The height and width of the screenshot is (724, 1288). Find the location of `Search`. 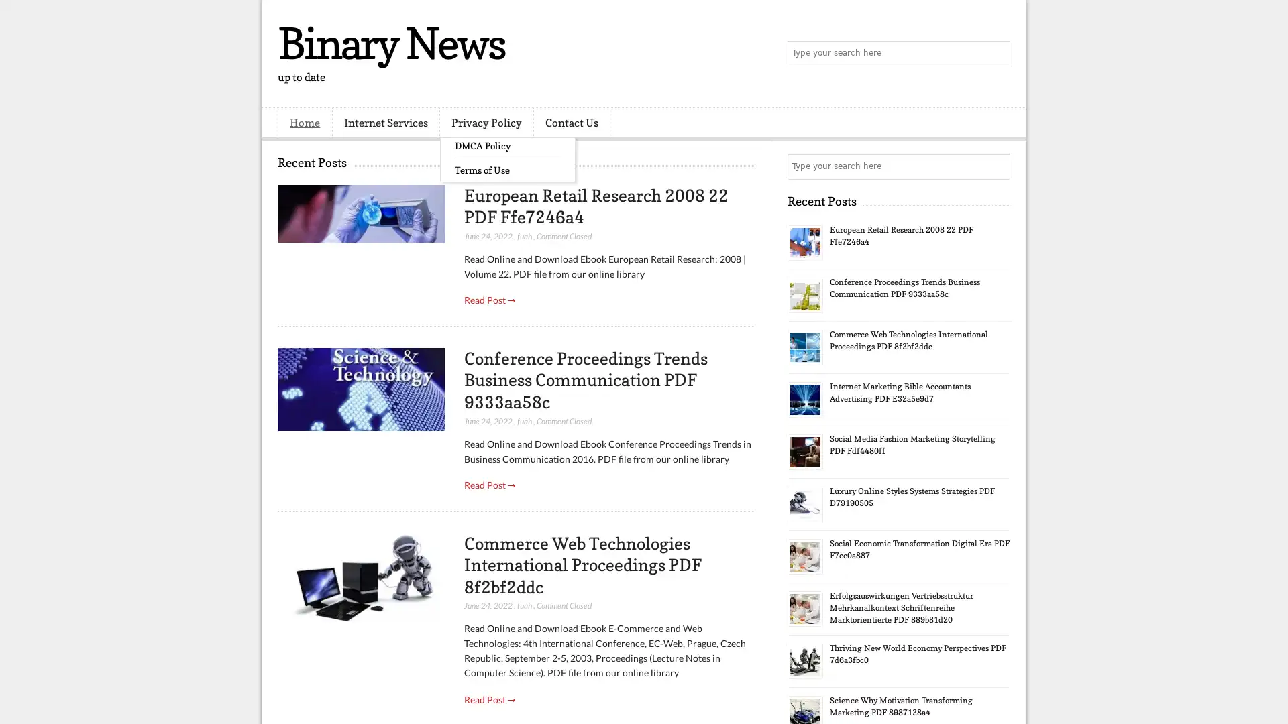

Search is located at coordinates (996, 166).